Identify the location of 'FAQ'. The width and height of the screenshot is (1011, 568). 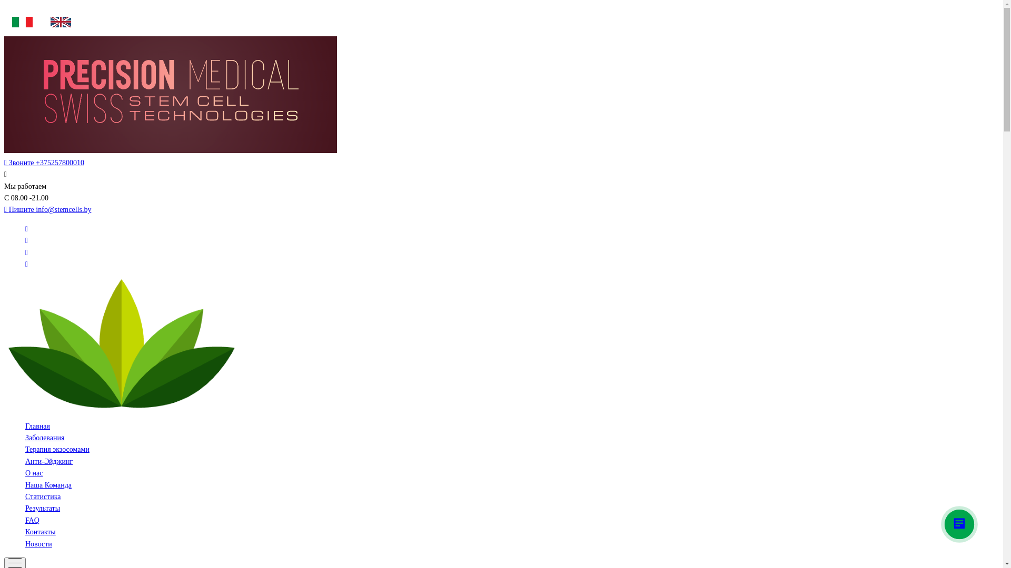
(32, 520).